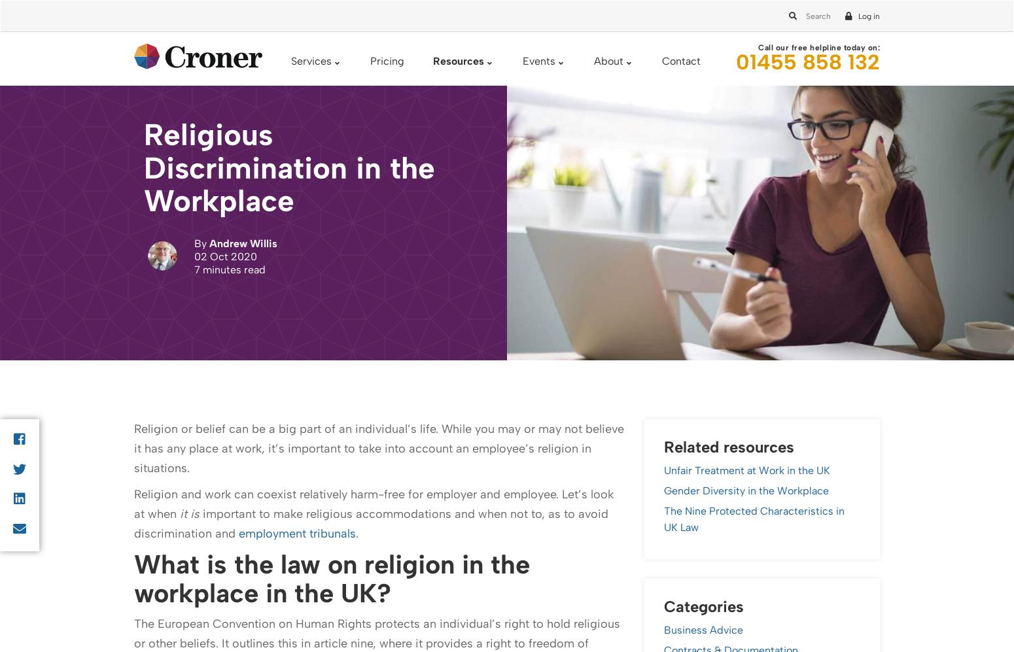 This screenshot has width=1014, height=652. Describe the element at coordinates (304, 499) in the screenshot. I see `'Gender Diversity in the Workplace'` at that location.